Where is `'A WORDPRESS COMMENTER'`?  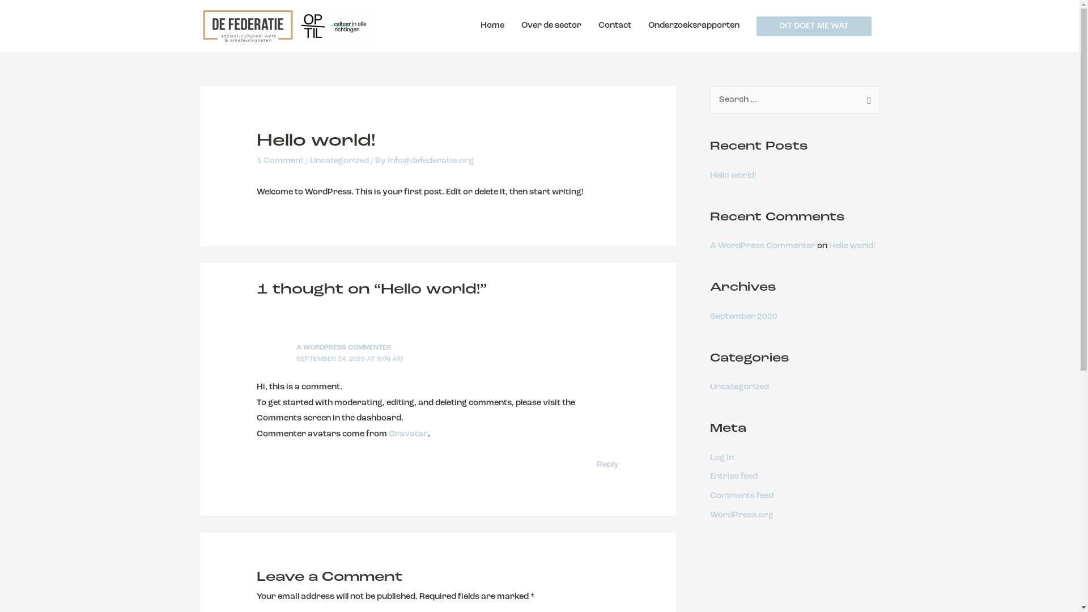 'A WORDPRESS COMMENTER' is located at coordinates (343, 347).